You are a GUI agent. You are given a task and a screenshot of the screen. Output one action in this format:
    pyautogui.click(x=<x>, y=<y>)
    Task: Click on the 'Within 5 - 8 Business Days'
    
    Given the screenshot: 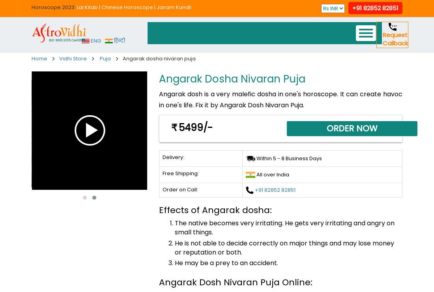 What is the action you would take?
    pyautogui.click(x=288, y=157)
    